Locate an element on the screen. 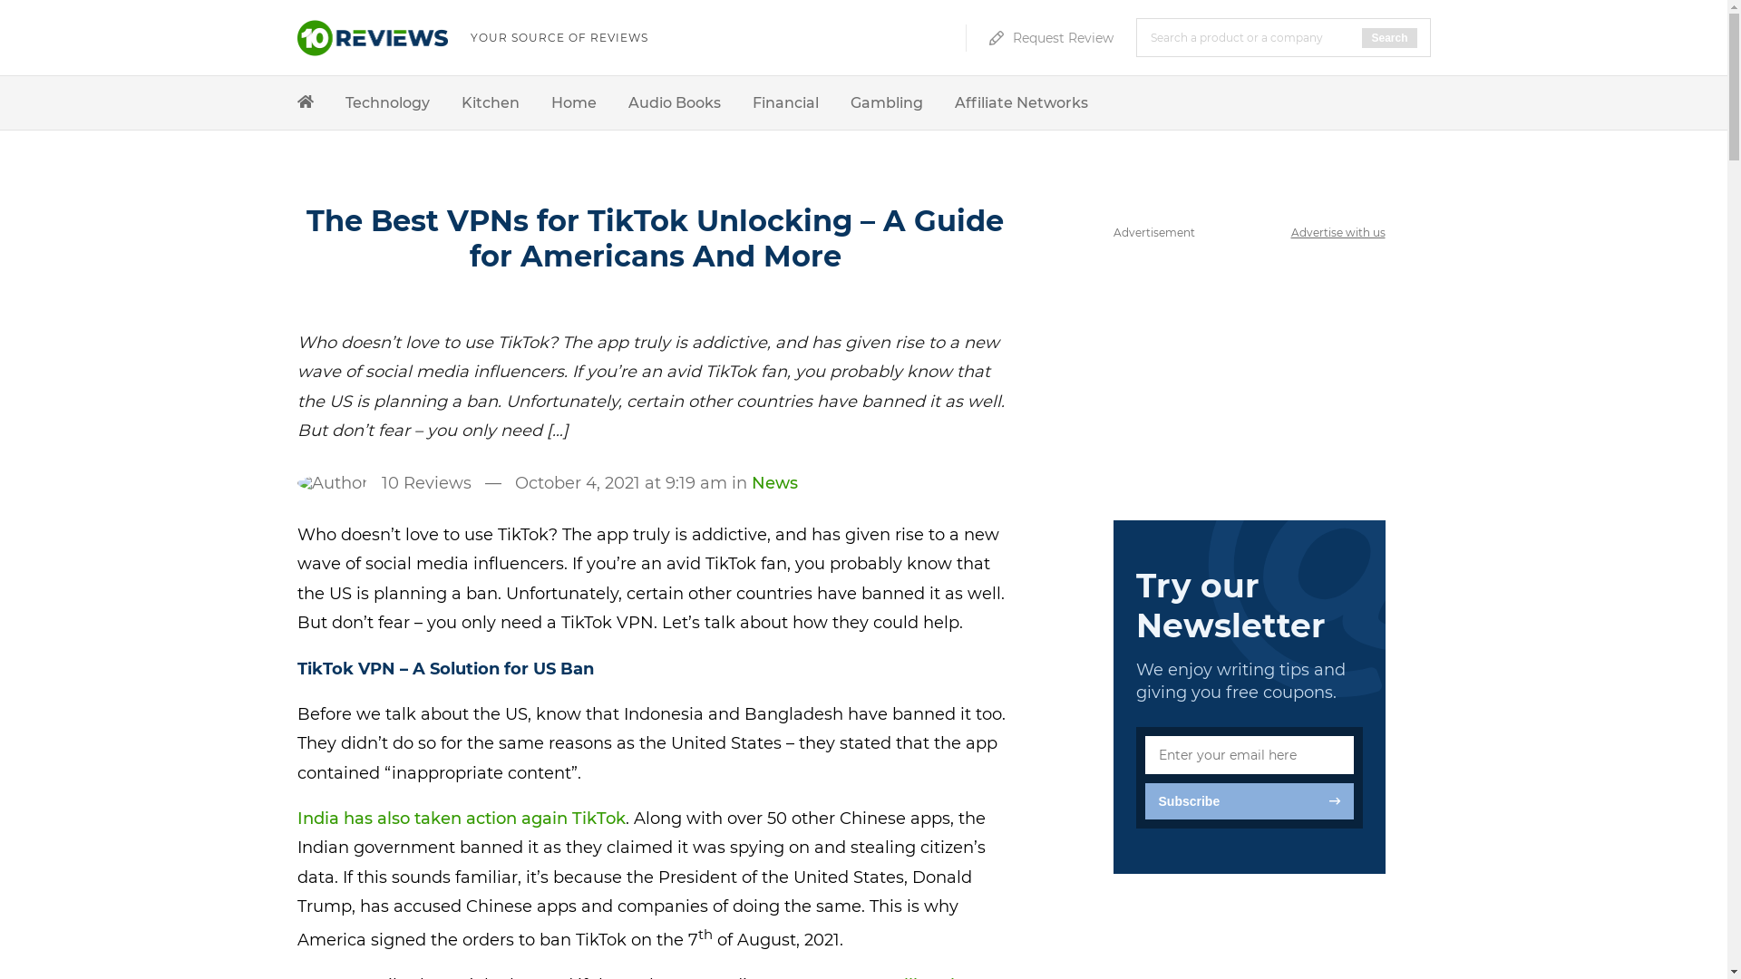  'Home' is located at coordinates (550, 102).